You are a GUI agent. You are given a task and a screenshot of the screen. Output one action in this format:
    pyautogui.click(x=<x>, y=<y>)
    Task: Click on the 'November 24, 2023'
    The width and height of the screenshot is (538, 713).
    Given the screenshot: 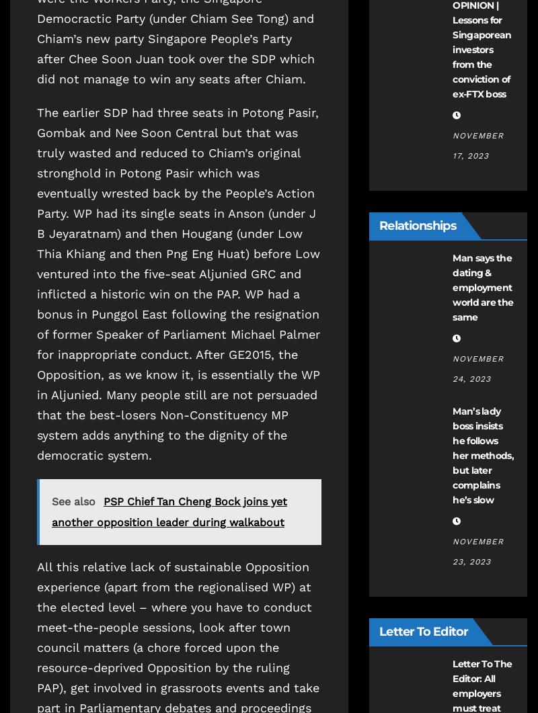 What is the action you would take?
    pyautogui.click(x=477, y=368)
    